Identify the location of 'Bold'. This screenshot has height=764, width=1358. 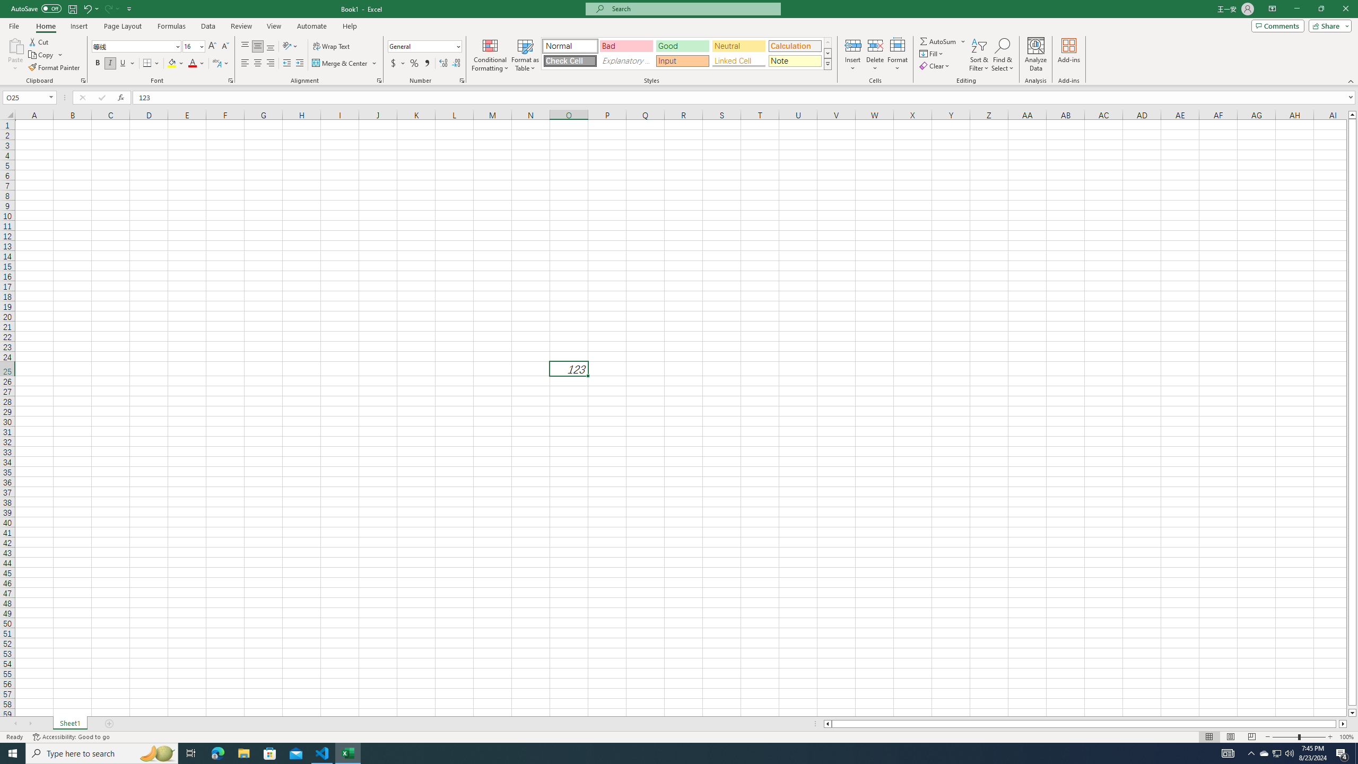
(97, 63).